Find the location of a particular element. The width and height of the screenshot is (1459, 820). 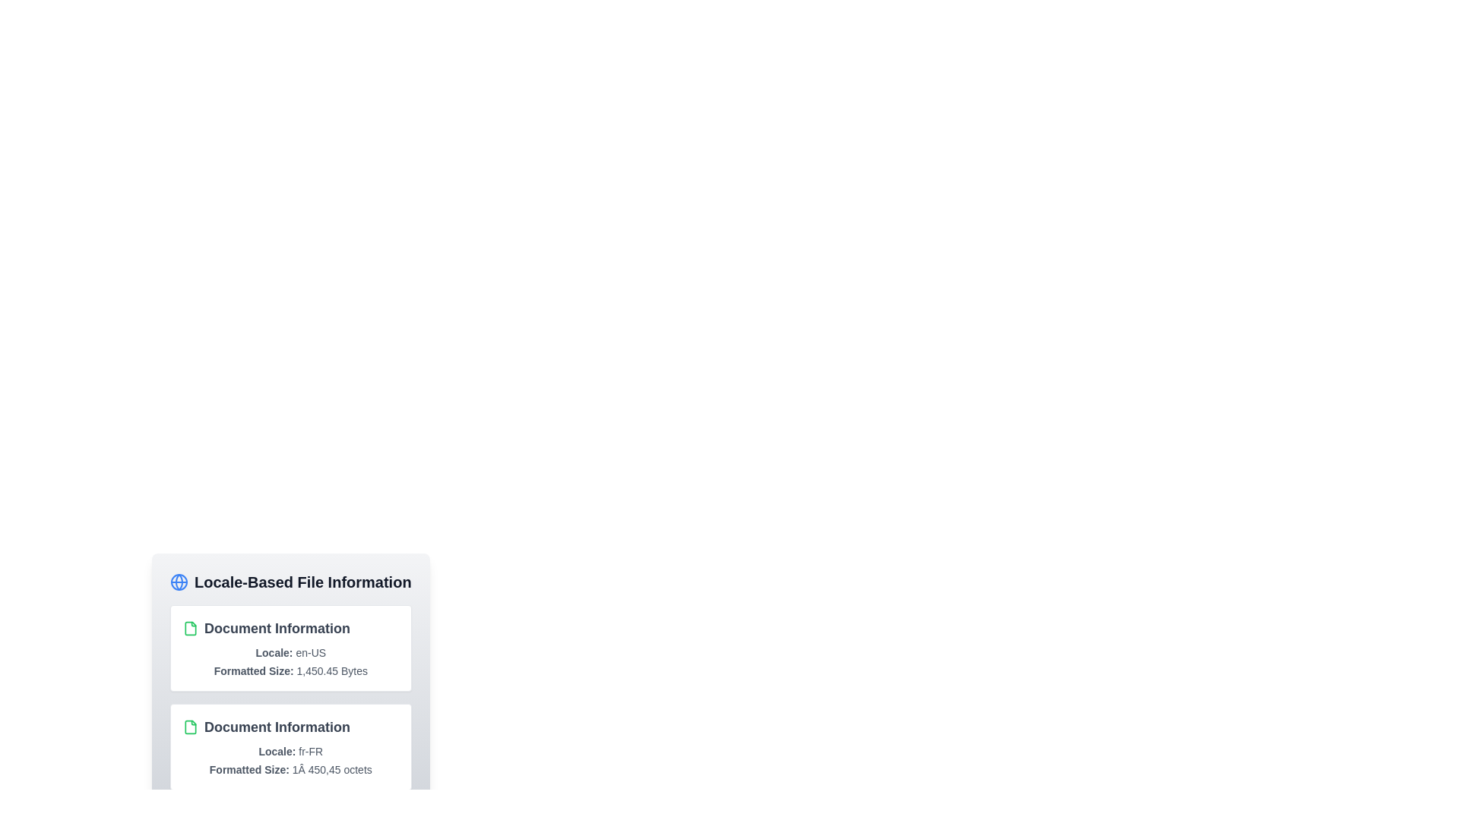

the text label that displays the locale setting in the document instance, located beneath the title 'Document Information' is located at coordinates (290, 752).